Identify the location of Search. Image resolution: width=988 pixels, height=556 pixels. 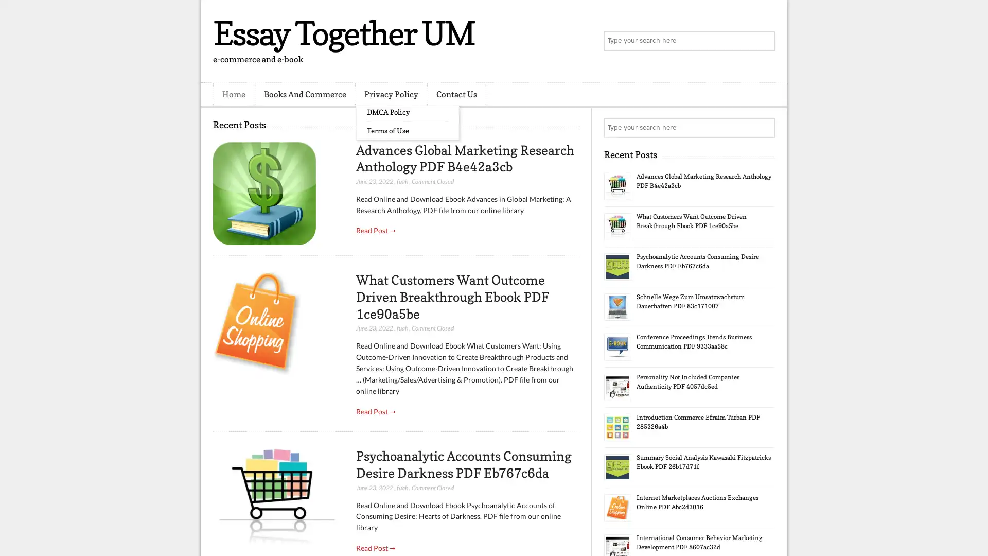
(764, 41).